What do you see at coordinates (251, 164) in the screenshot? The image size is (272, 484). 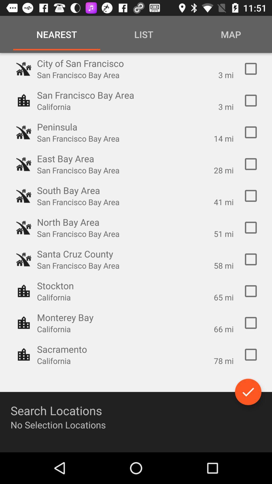 I see `east bay area` at bounding box center [251, 164].